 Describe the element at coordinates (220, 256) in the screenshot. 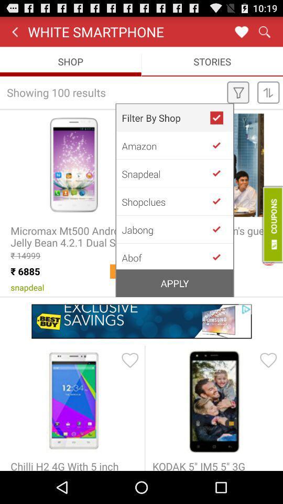

I see `the company you want to see products from` at that location.